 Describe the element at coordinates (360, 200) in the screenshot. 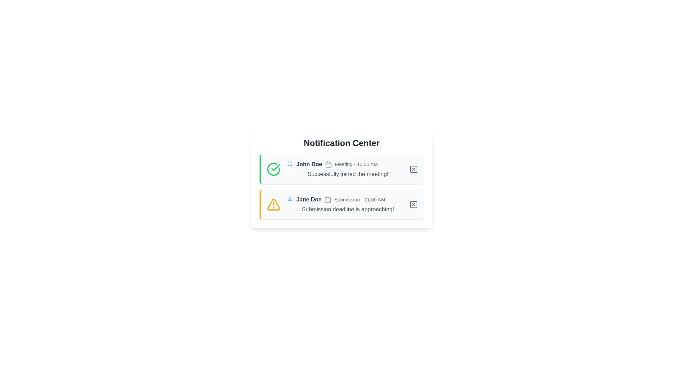

I see `the text element displaying 'Submission - 11:00 AM', which is styled in small gray text and positioned to the right of 'Jane Doe' within the second notification entry` at that location.